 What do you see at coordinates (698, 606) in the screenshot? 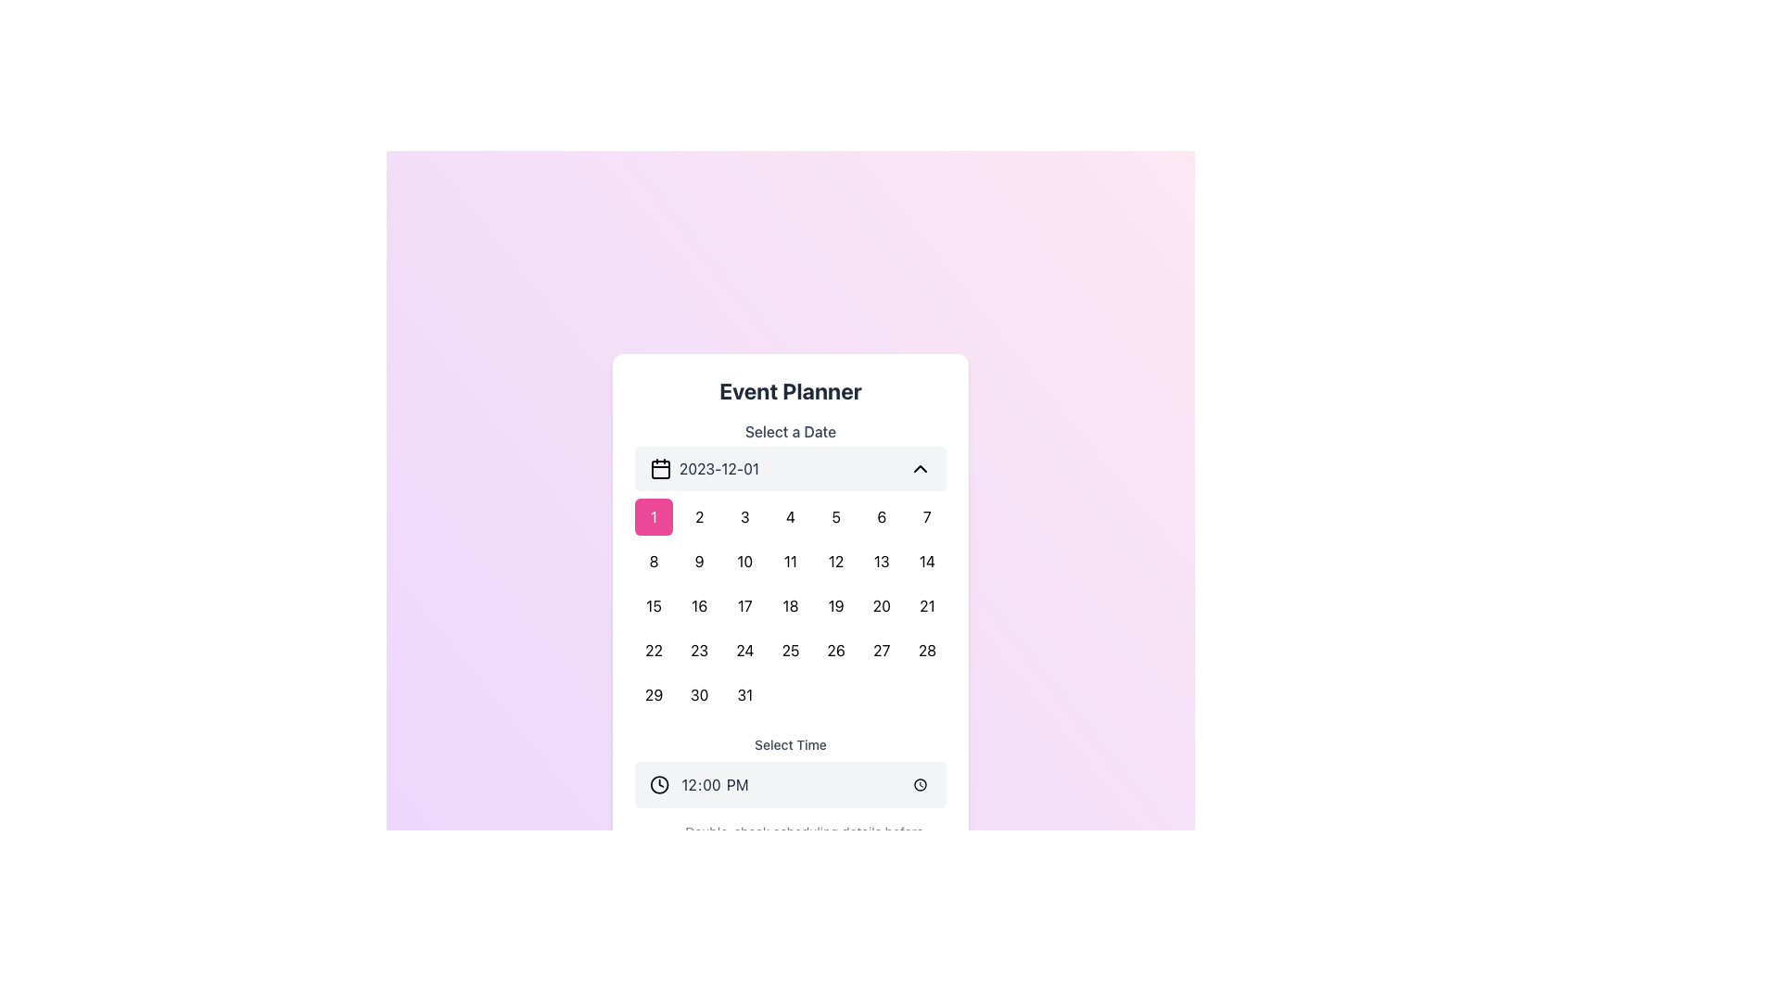
I see `the day selector button for the 16th day of the month in the calendar grid located in the third row and second column` at bounding box center [698, 606].